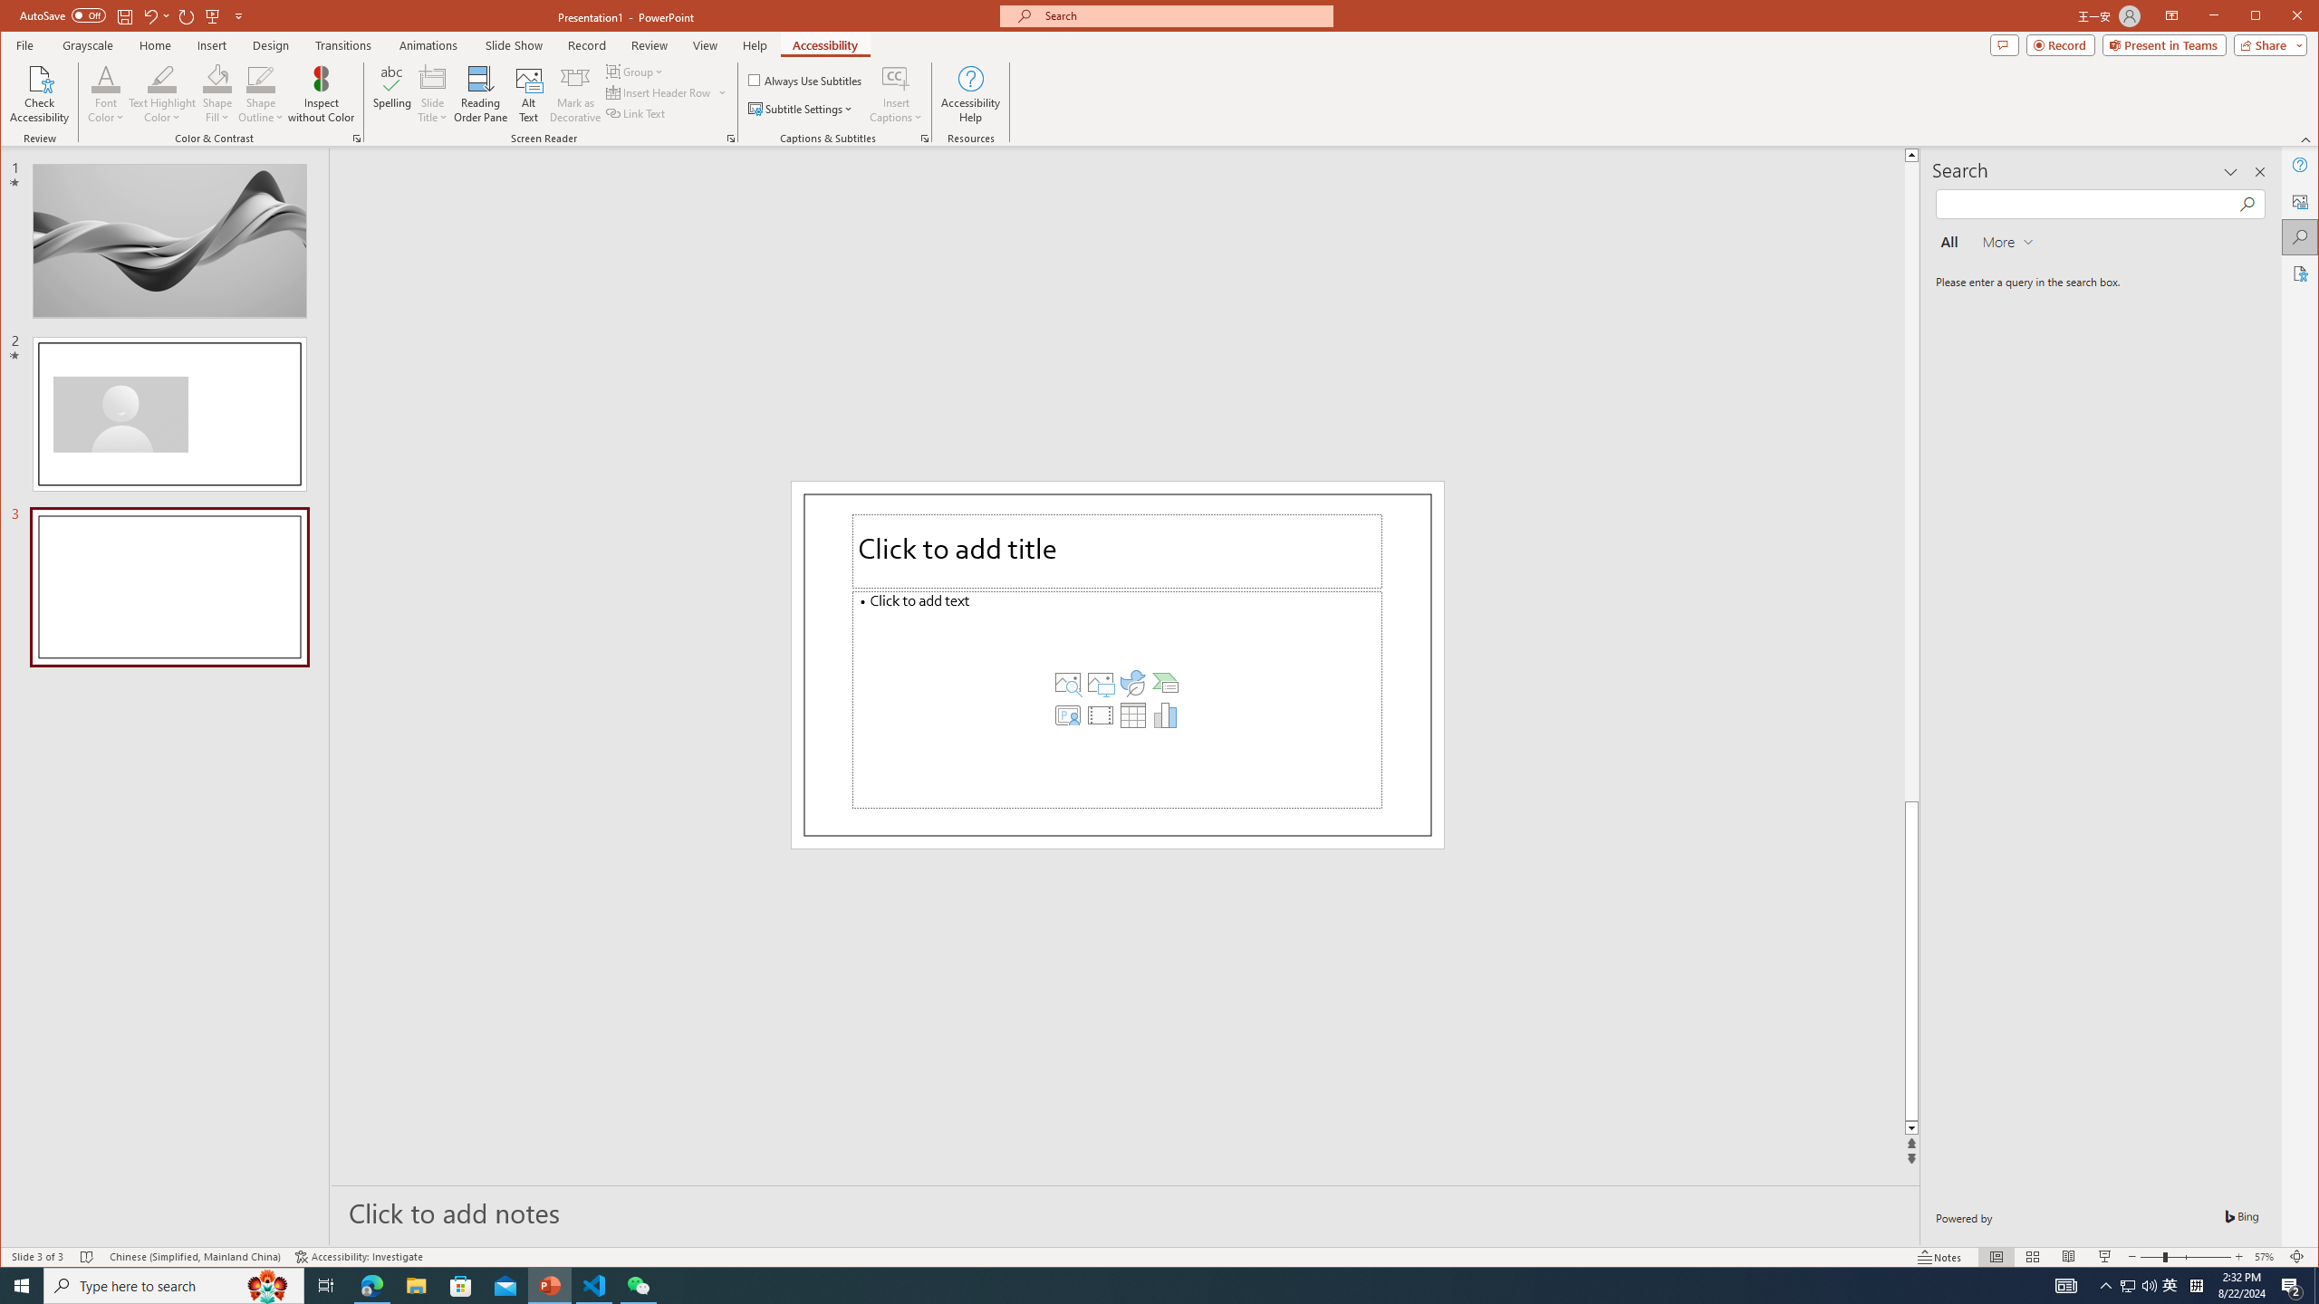  What do you see at coordinates (1116, 551) in the screenshot?
I see `'Title TextBox'` at bounding box center [1116, 551].